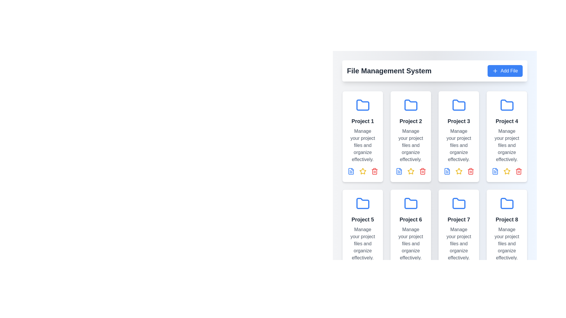  Describe the element at coordinates (470, 171) in the screenshot. I see `the 'Delete' icon button located inside the card for 'Project 3', which is the third icon in the action button row on the right side of the card footer` at that location.